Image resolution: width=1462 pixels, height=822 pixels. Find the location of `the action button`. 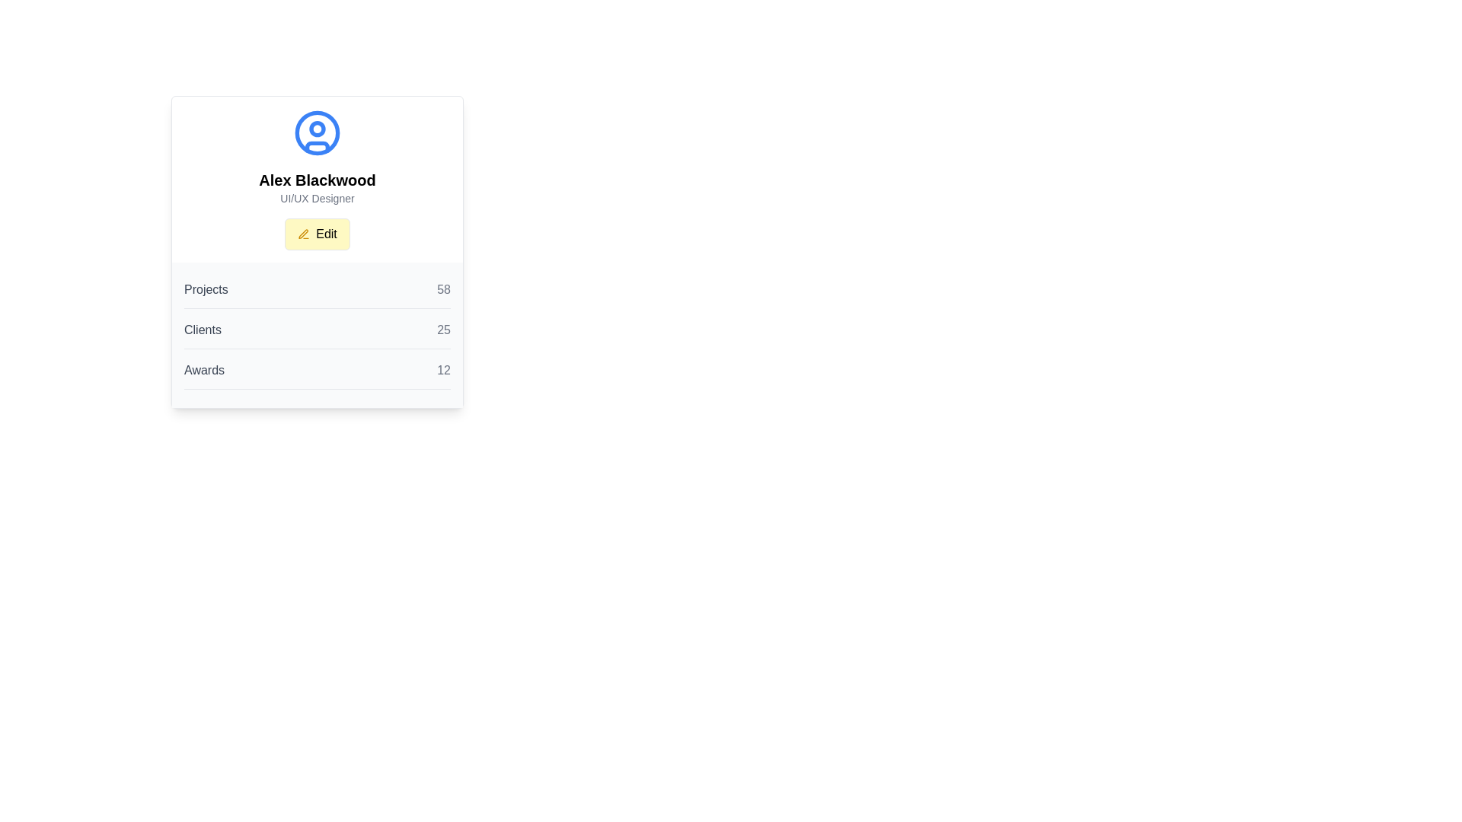

the action button is located at coordinates (317, 234).